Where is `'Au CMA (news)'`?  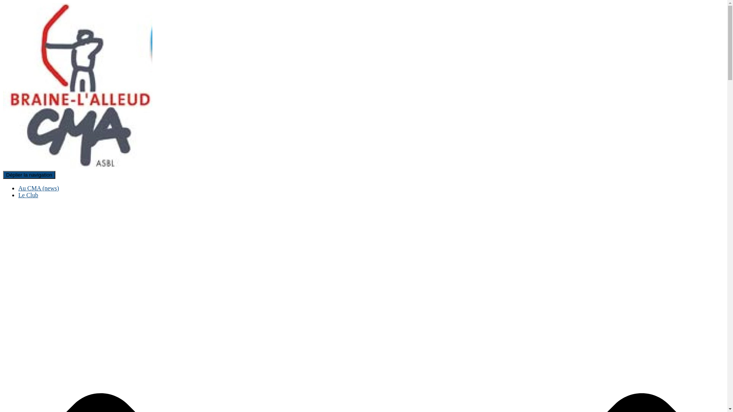 'Au CMA (news)' is located at coordinates (38, 188).